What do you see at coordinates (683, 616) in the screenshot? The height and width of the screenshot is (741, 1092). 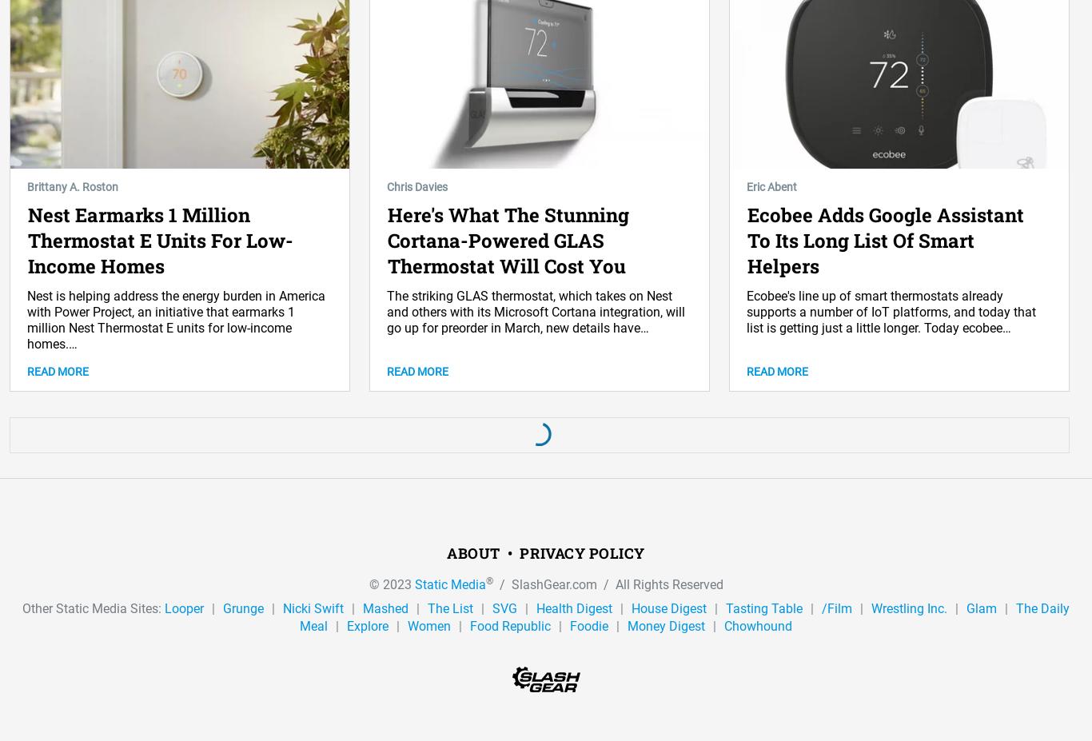 I see `'The Daily Meal'` at bounding box center [683, 616].